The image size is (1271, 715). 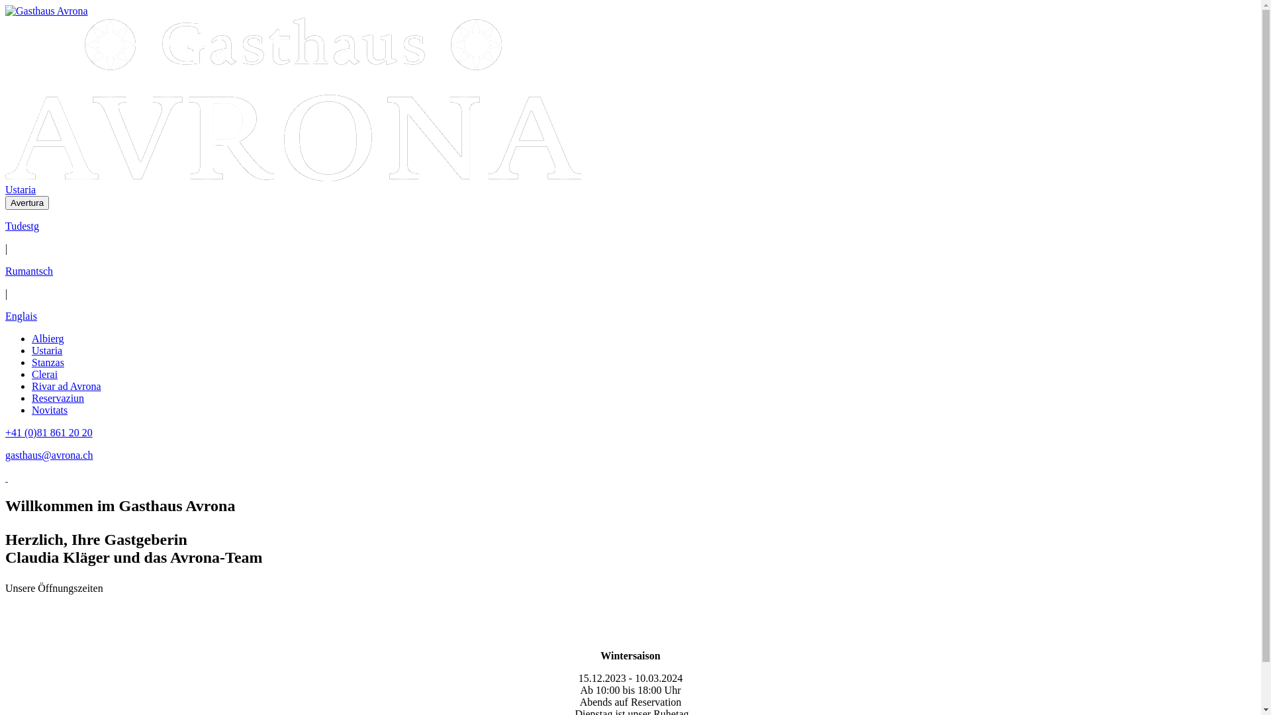 I want to click on 'Ustaria', so click(x=32, y=350).